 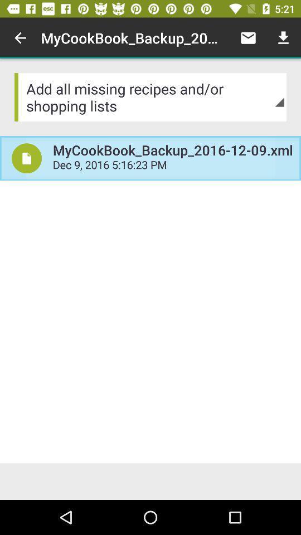 What do you see at coordinates (248, 38) in the screenshot?
I see `item above add all missing` at bounding box center [248, 38].